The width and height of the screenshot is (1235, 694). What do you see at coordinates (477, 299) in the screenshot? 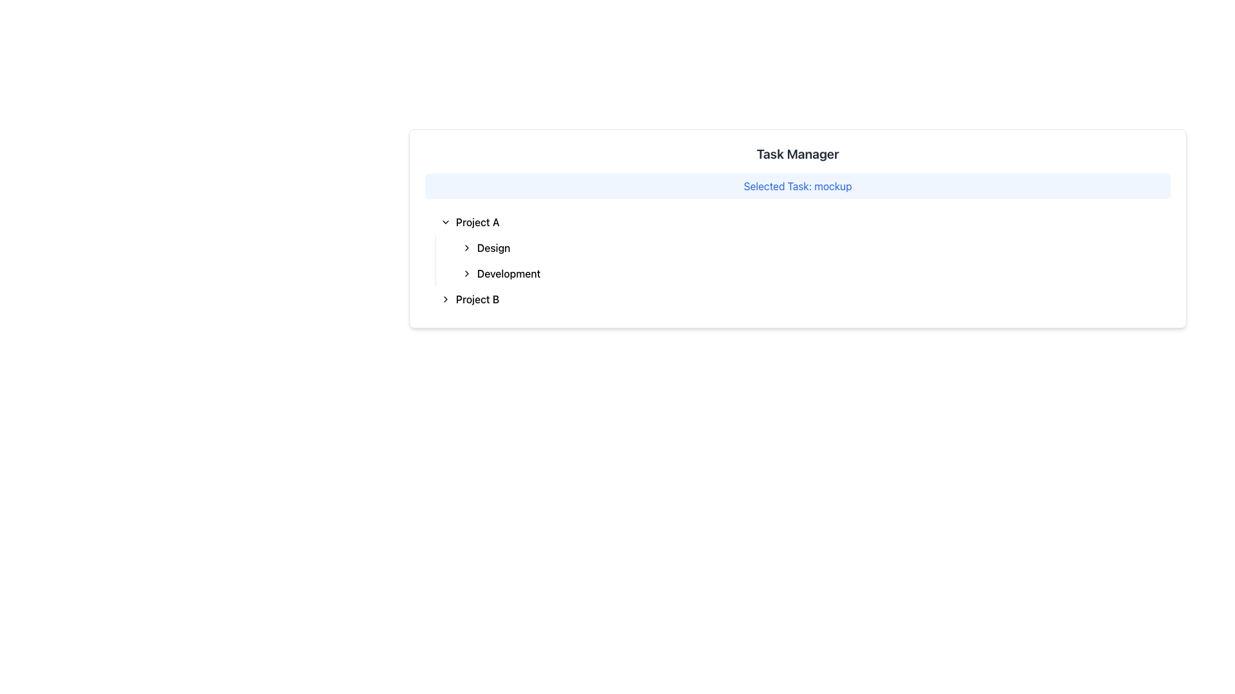
I see `the clickable label representing 'Project B' in the 'Task Manager' section` at bounding box center [477, 299].